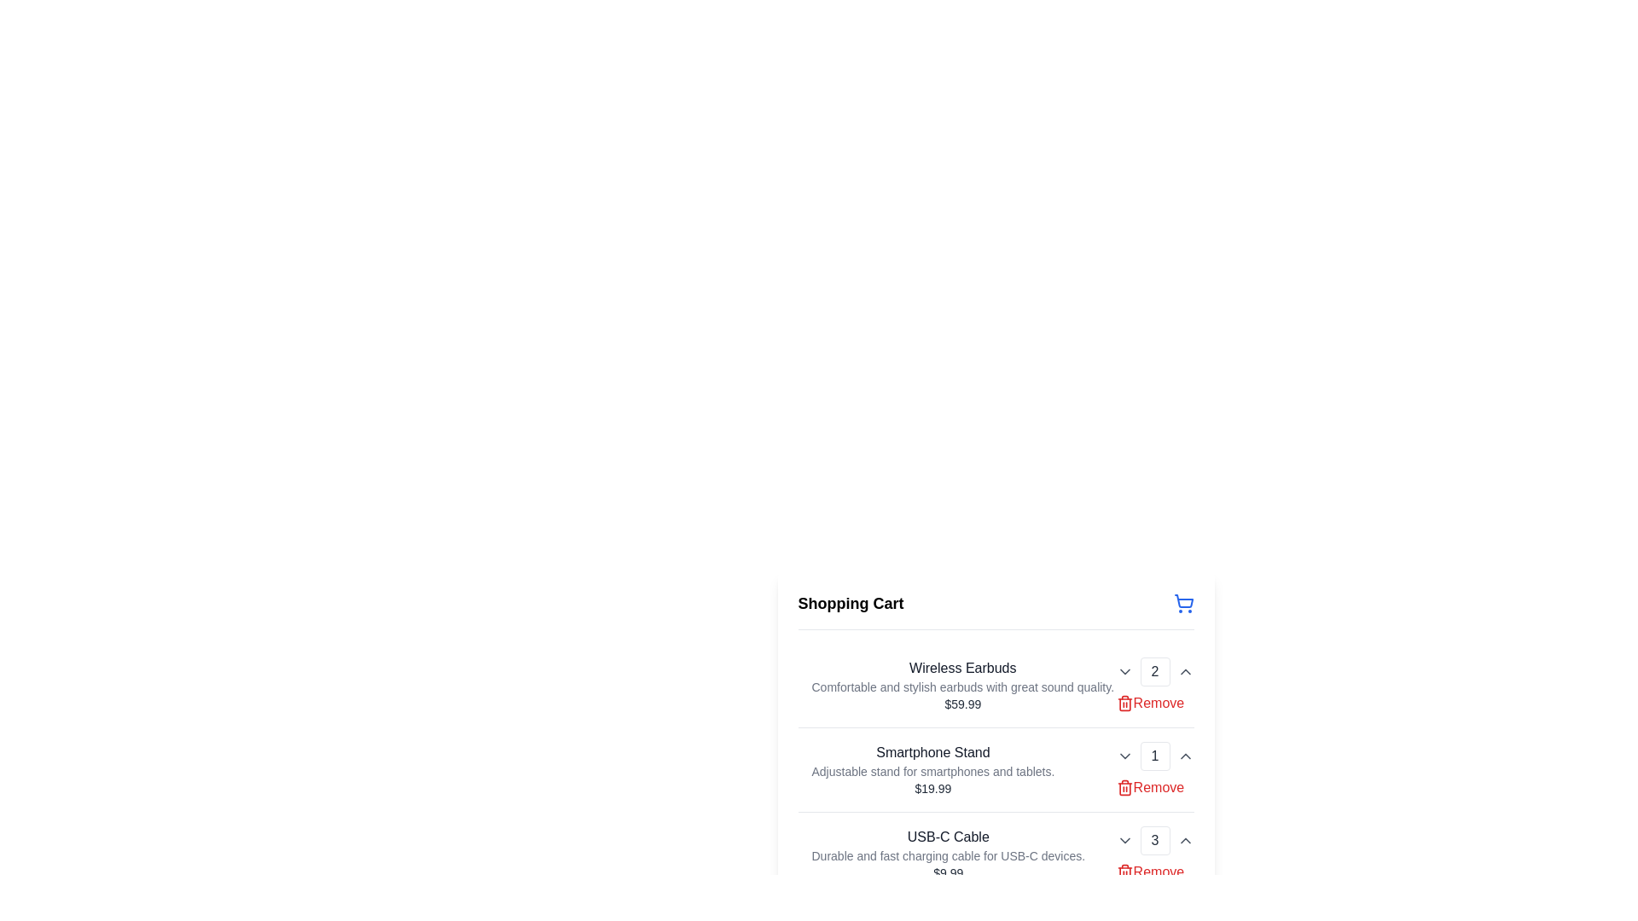 The height and width of the screenshot is (921, 1638). Describe the element at coordinates (932, 769) in the screenshot. I see `the static informational text block displaying the item 'Smartphone Stand' with the description 'Adjustable stand for smartphones and tablets.' and the price '$19.99'` at that location.